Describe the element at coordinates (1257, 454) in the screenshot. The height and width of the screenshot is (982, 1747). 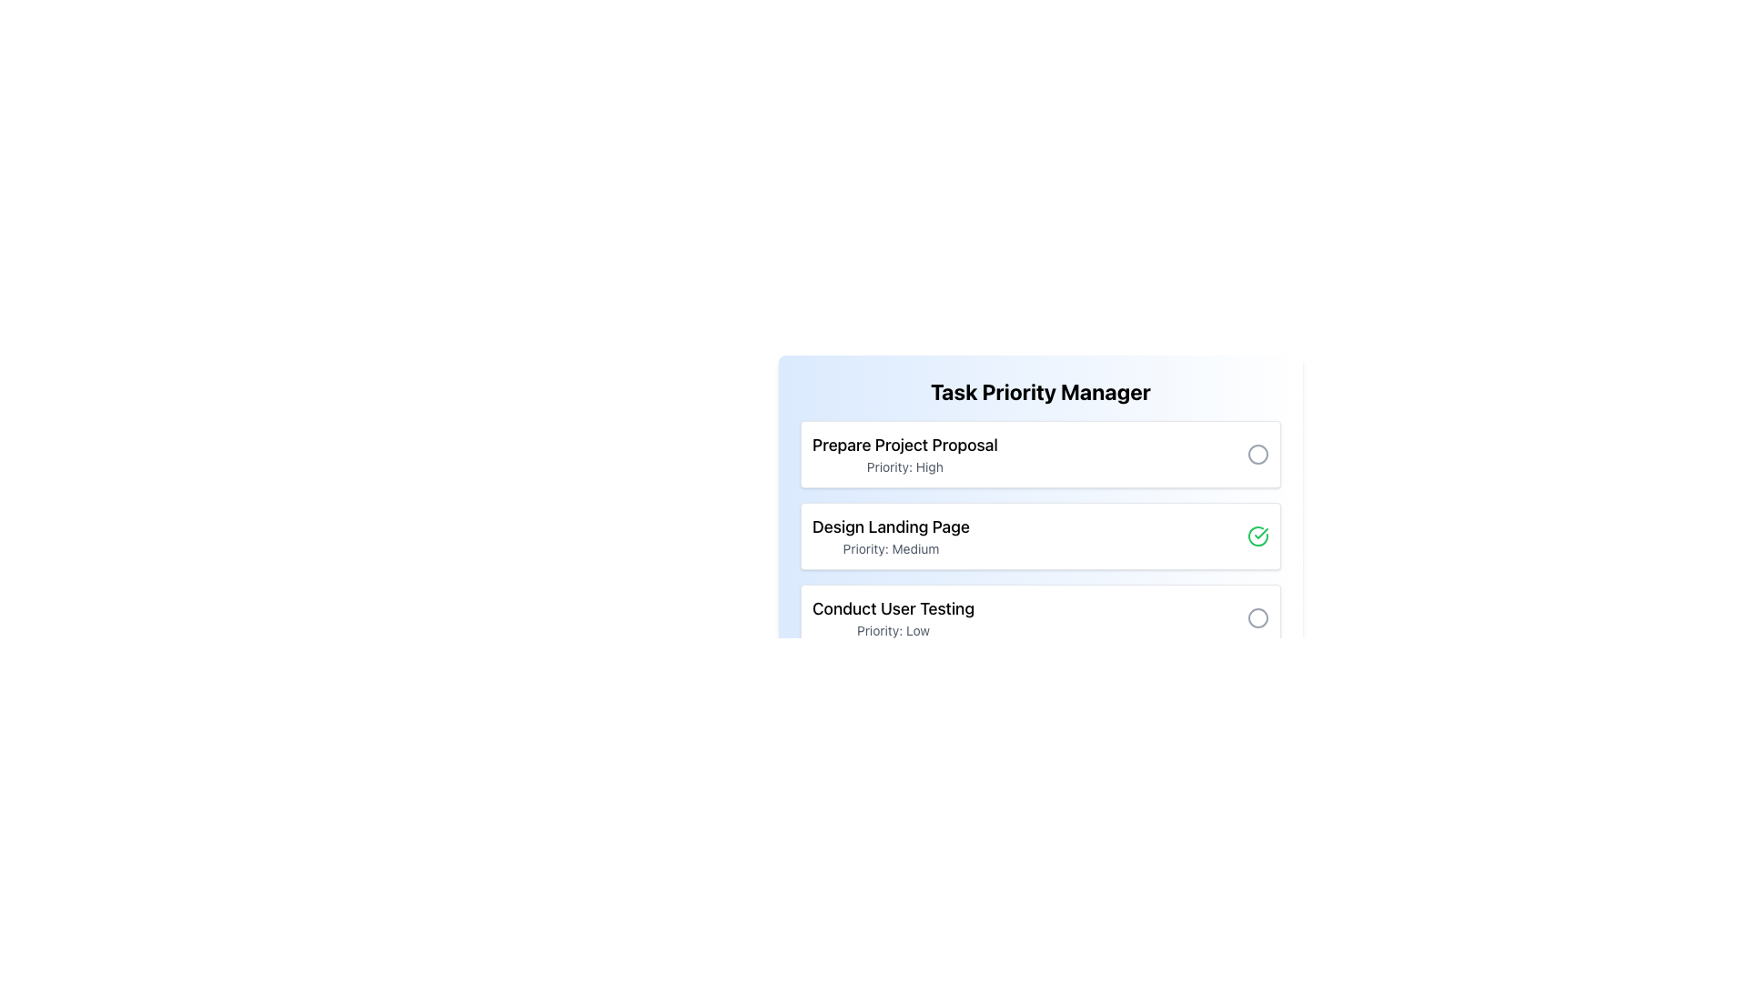
I see `the circular indicator with a filled central dot, which is part of the priority management interface and is located to the right of the 'Prepare Project Proposal' task box` at that location.